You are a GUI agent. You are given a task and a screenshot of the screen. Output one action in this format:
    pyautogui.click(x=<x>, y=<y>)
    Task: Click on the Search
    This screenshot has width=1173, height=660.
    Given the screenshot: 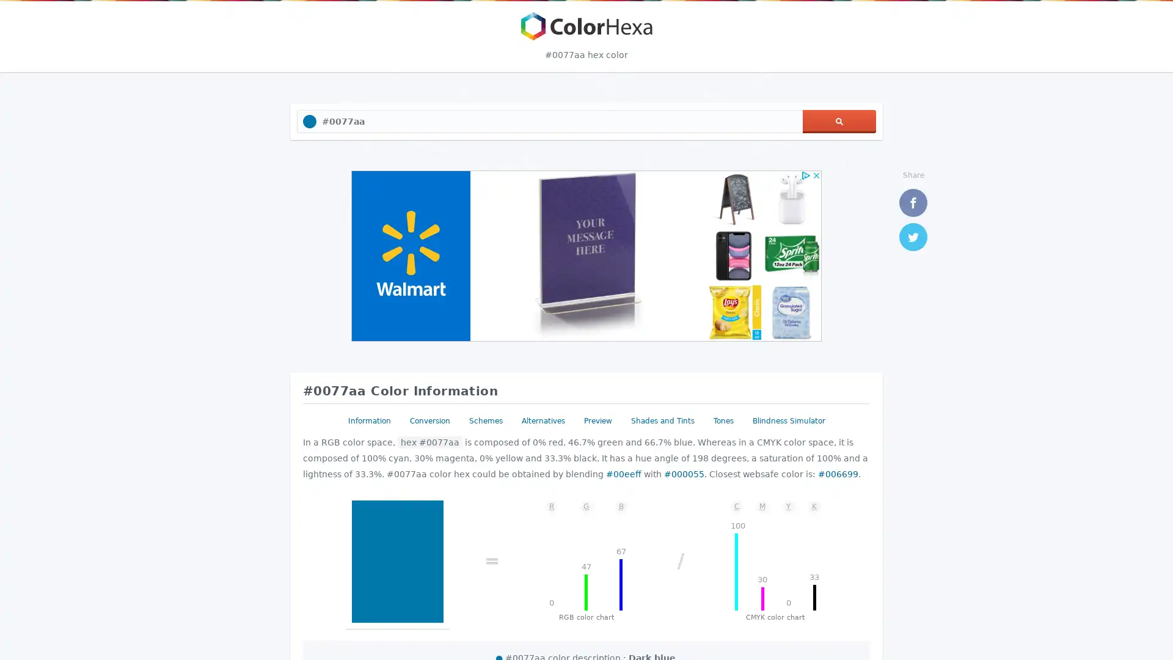 What is the action you would take?
    pyautogui.click(x=838, y=122)
    